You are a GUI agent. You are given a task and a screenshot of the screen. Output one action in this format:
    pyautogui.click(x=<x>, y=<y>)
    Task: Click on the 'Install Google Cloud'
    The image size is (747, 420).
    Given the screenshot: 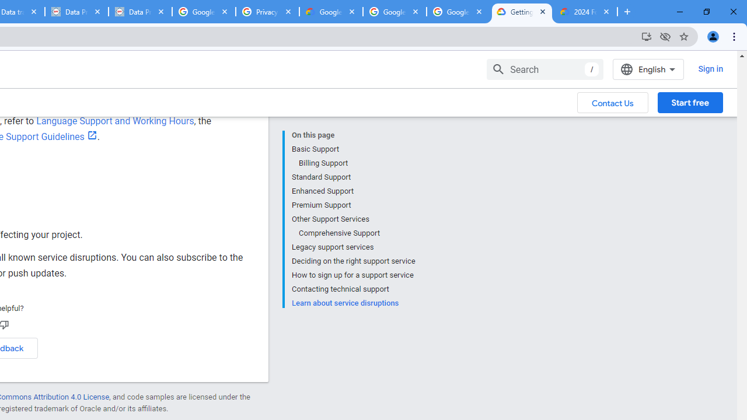 What is the action you would take?
    pyautogui.click(x=645, y=36)
    